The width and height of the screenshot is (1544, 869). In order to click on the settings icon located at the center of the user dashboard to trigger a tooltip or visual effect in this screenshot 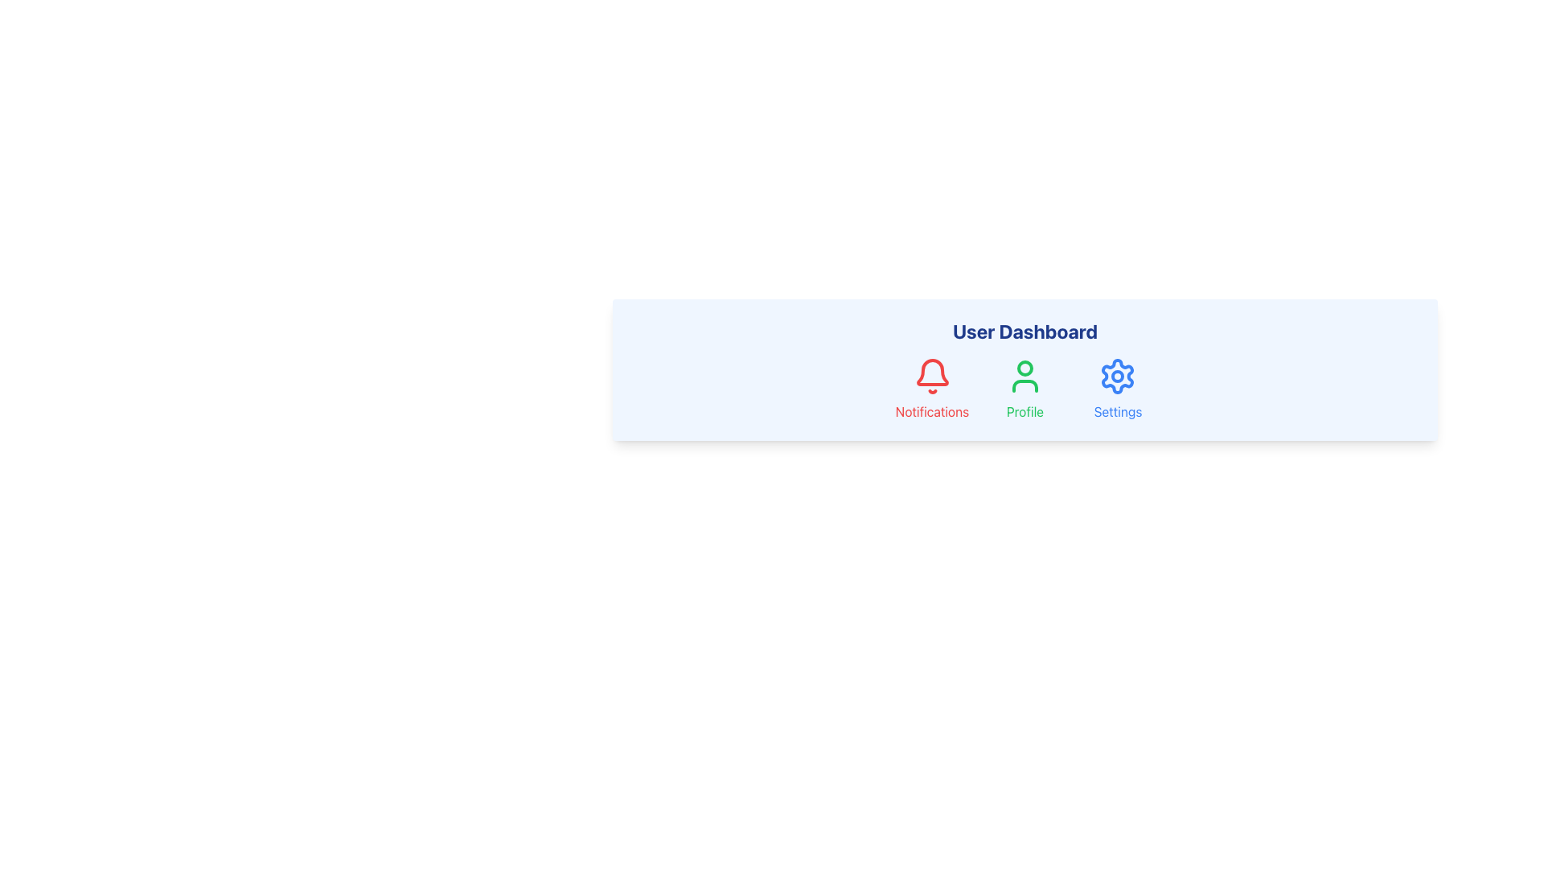, I will do `click(1117, 376)`.